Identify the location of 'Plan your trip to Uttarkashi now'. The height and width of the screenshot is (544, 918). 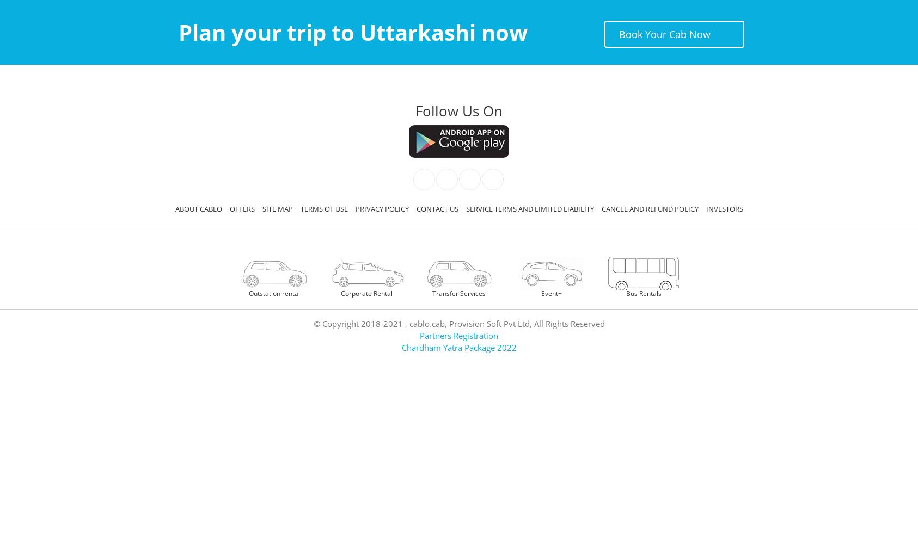
(352, 32).